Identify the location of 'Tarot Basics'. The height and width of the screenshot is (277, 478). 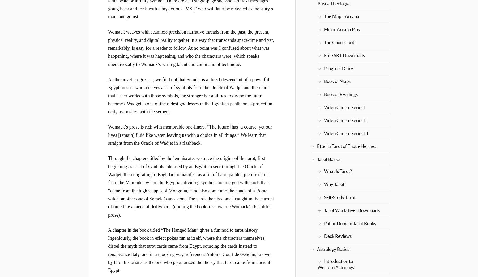
(329, 159).